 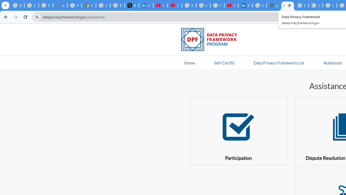 I want to click on 'Privacy Help Center - Policies Help', so click(x=74, y=5).